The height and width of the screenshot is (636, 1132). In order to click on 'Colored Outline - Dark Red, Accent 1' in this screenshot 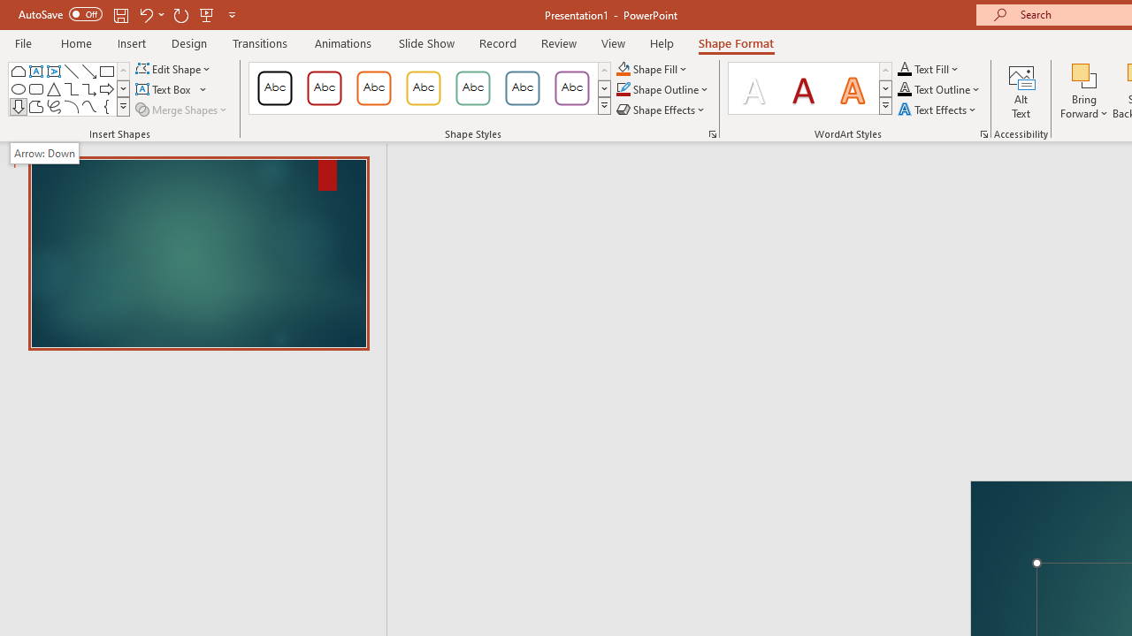, I will do `click(325, 88)`.